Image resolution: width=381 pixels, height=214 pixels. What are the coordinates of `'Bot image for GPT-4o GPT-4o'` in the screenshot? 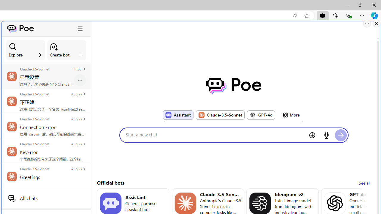 It's located at (261, 115).